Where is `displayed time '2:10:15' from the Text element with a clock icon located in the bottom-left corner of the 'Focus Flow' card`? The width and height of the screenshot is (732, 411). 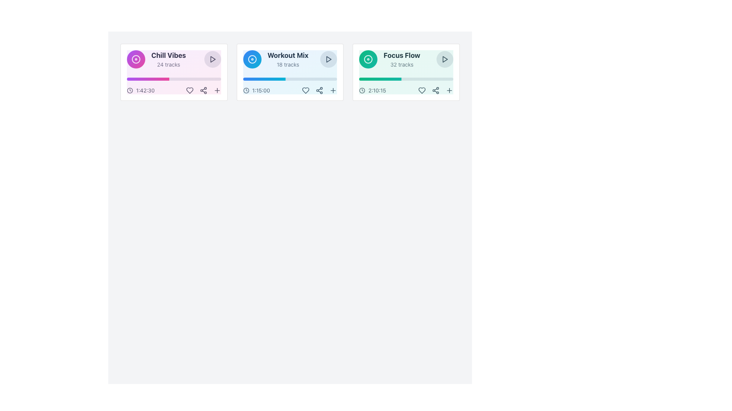
displayed time '2:10:15' from the Text element with a clock icon located in the bottom-left corner of the 'Focus Flow' card is located at coordinates (372, 90).